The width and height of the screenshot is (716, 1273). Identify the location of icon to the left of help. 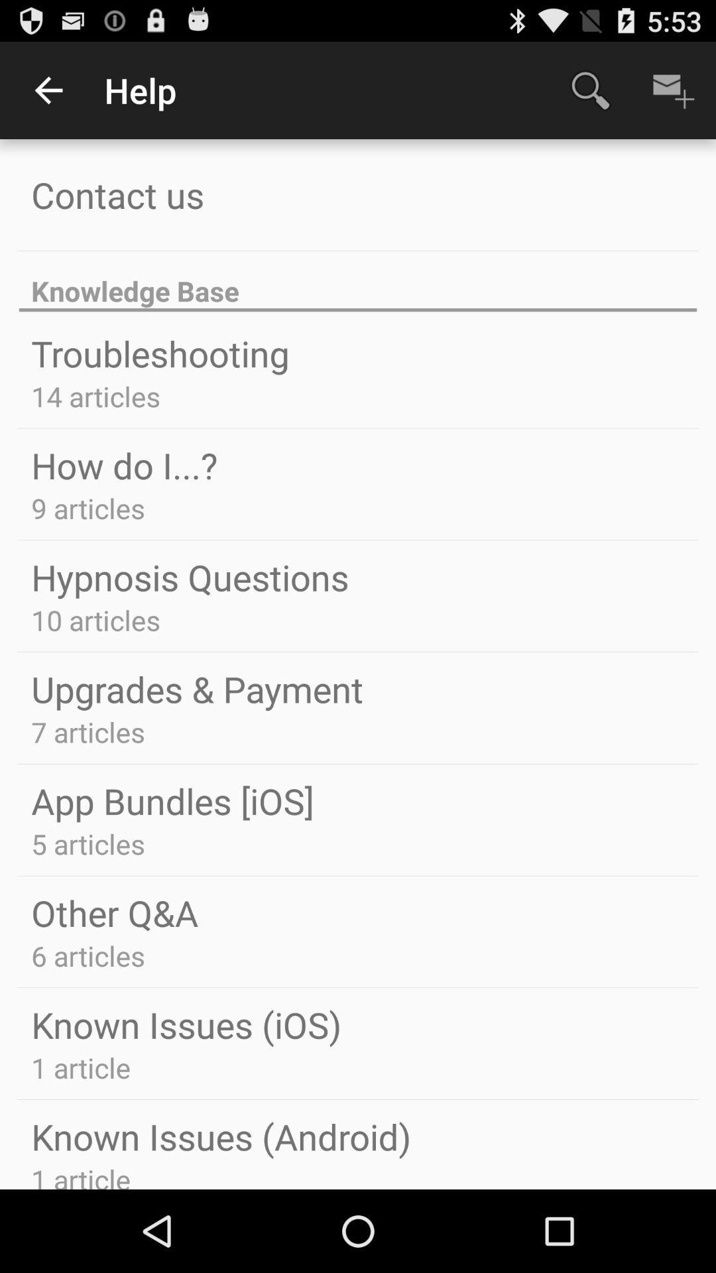
(48, 90).